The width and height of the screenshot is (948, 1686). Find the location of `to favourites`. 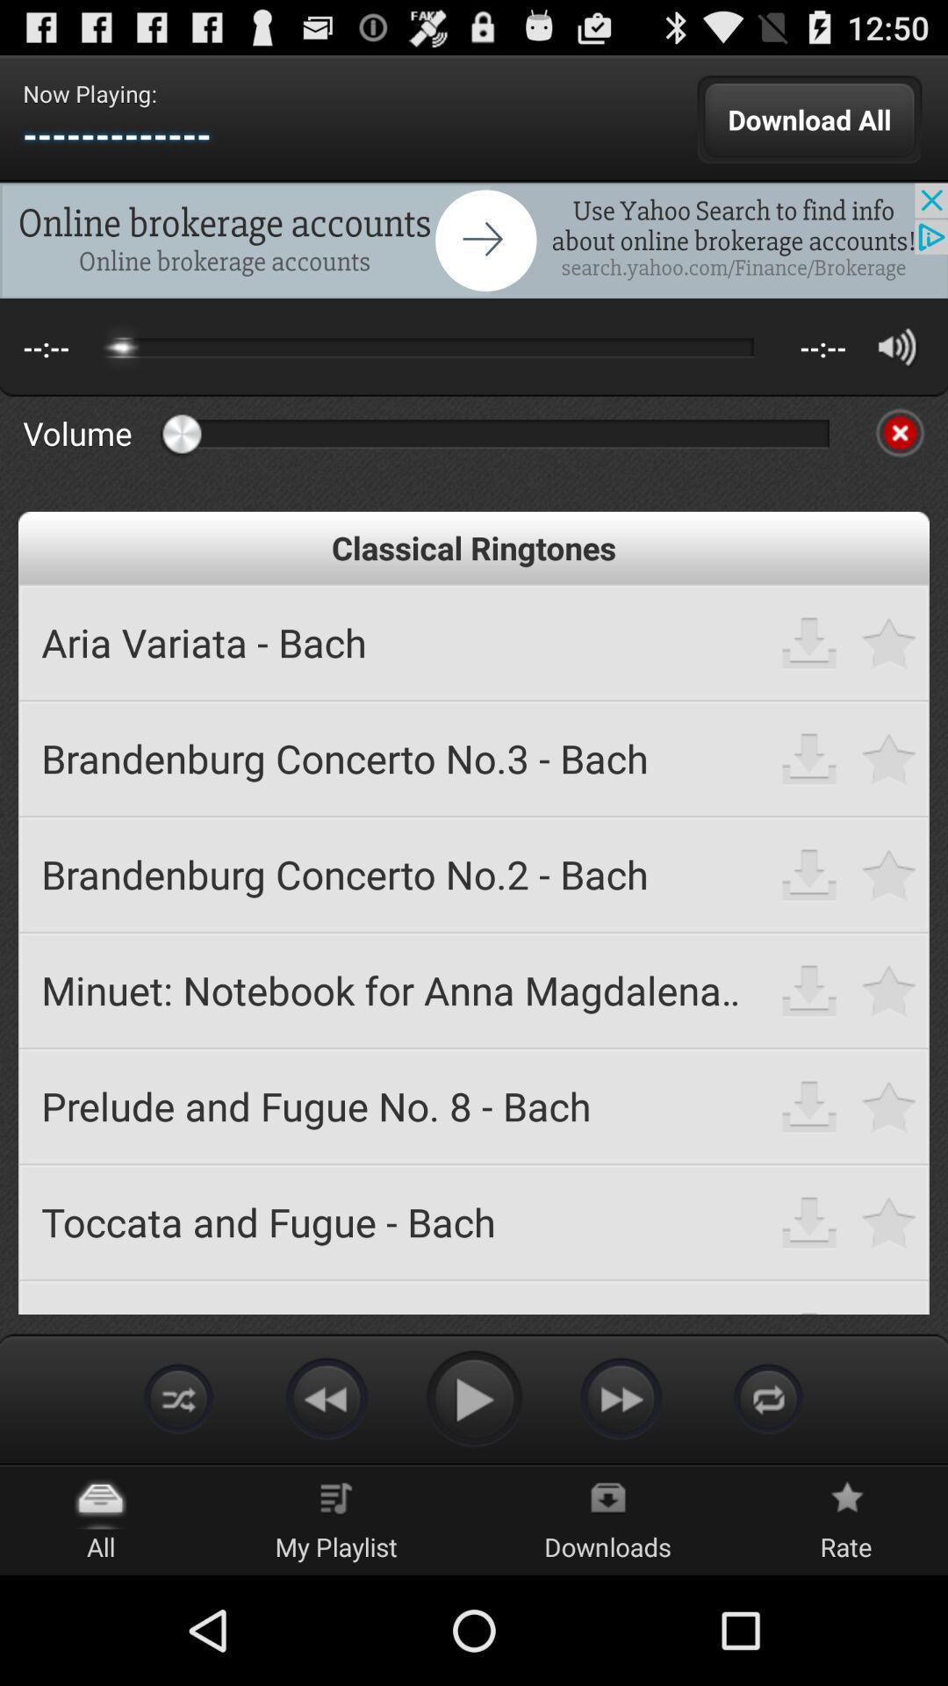

to favourites is located at coordinates (889, 874).